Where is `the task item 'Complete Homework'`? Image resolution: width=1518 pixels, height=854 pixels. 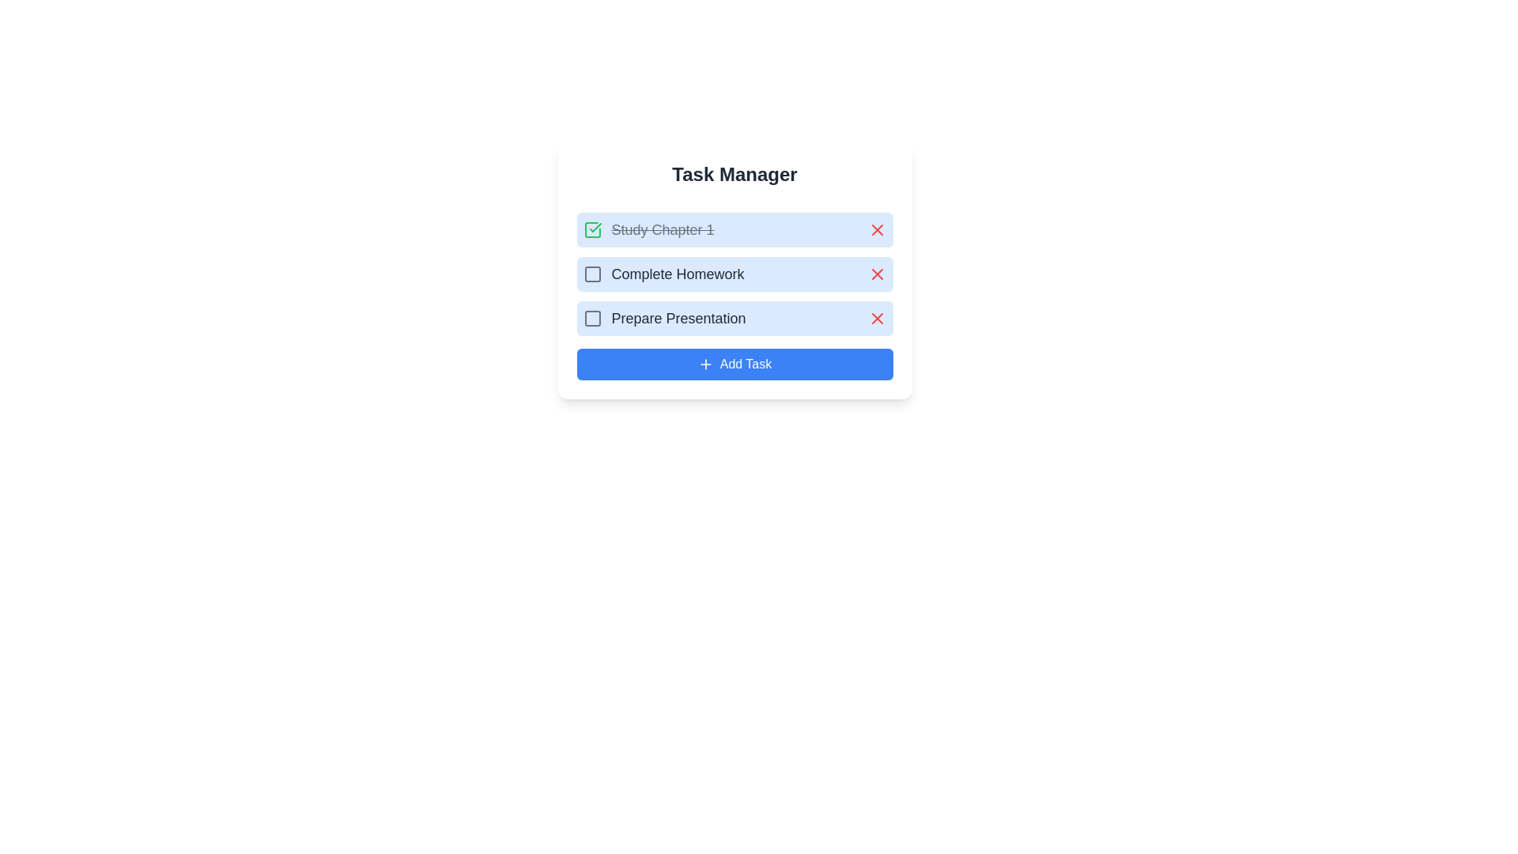
the task item 'Complete Homework' is located at coordinates (734, 274).